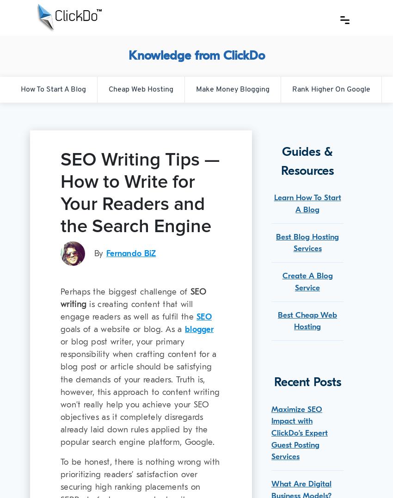 This screenshot has width=393, height=498. I want to click on 'Cheap Web Hosting', so click(140, 88).